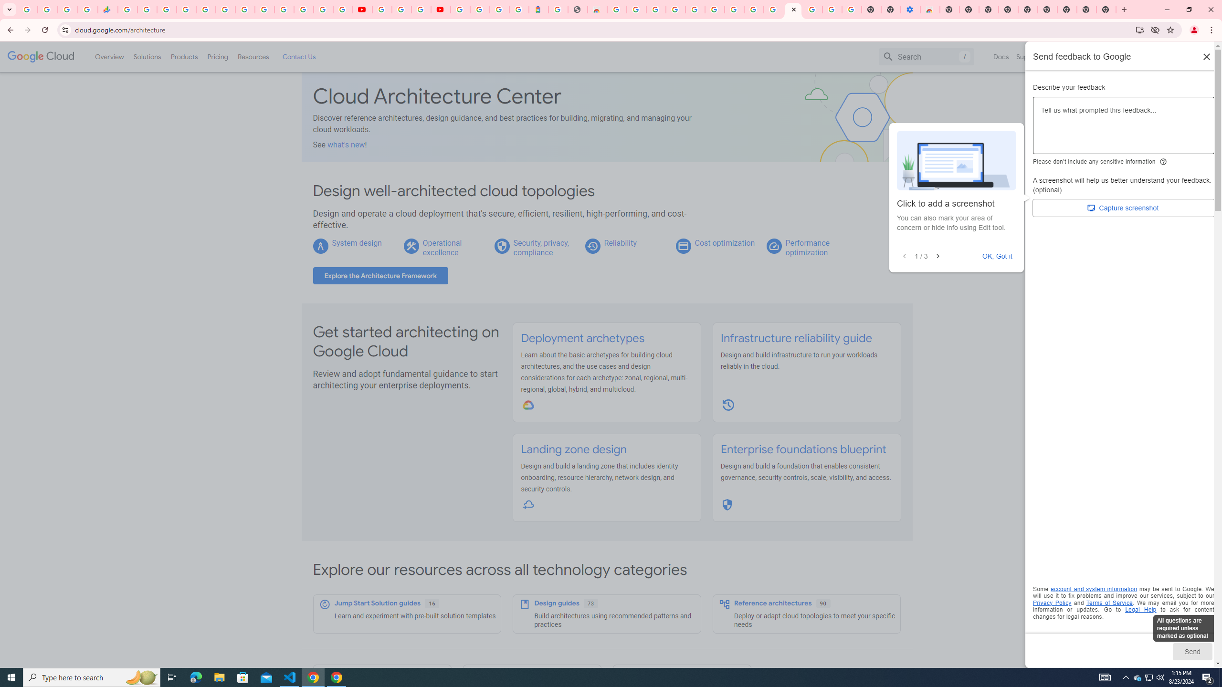 Image resolution: width=1222 pixels, height=687 pixels. Describe the element at coordinates (597, 9) in the screenshot. I see `'Chrome Web Store - Household'` at that location.